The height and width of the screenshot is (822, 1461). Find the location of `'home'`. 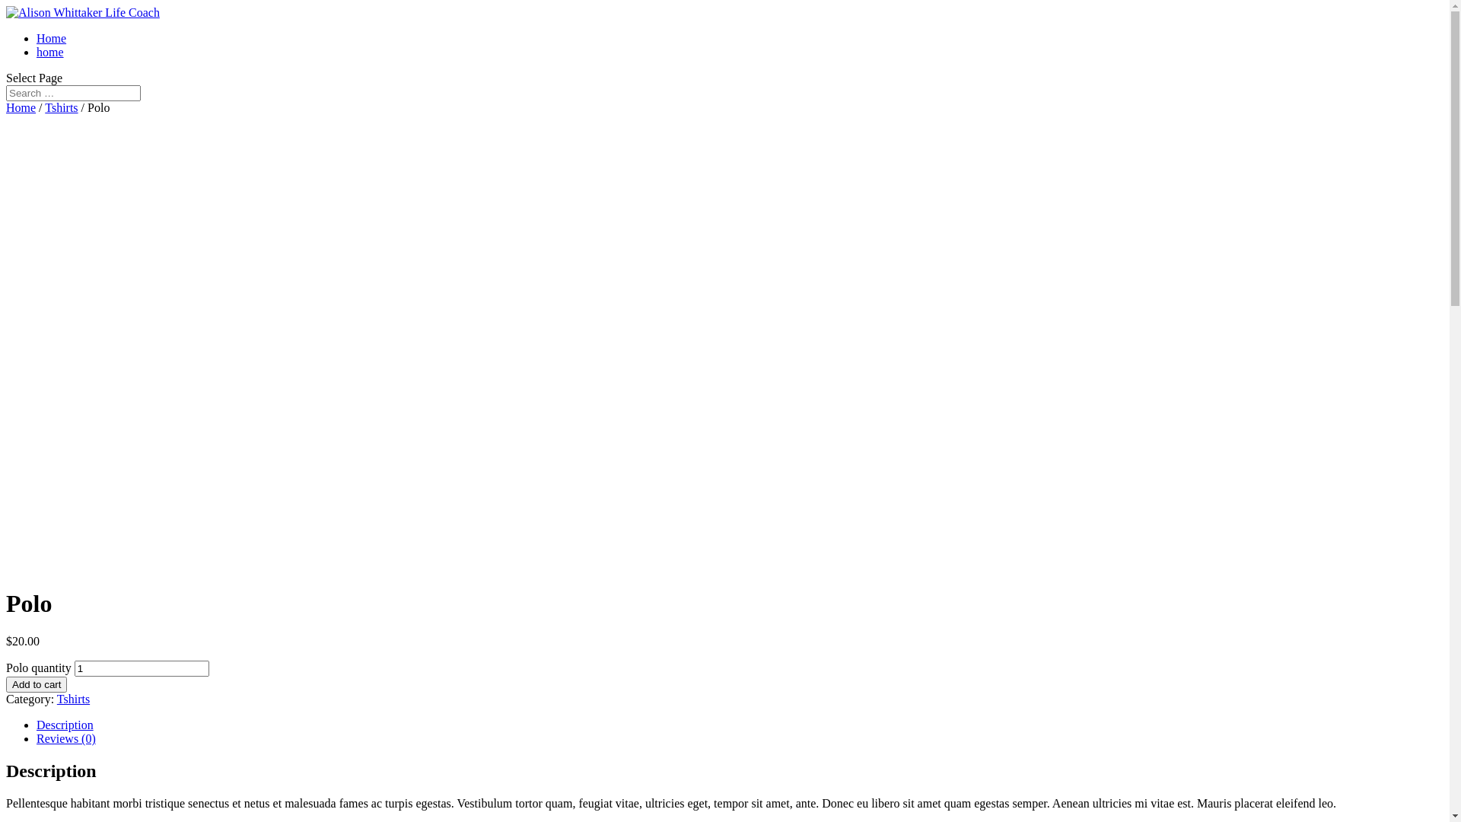

'home' is located at coordinates (50, 51).